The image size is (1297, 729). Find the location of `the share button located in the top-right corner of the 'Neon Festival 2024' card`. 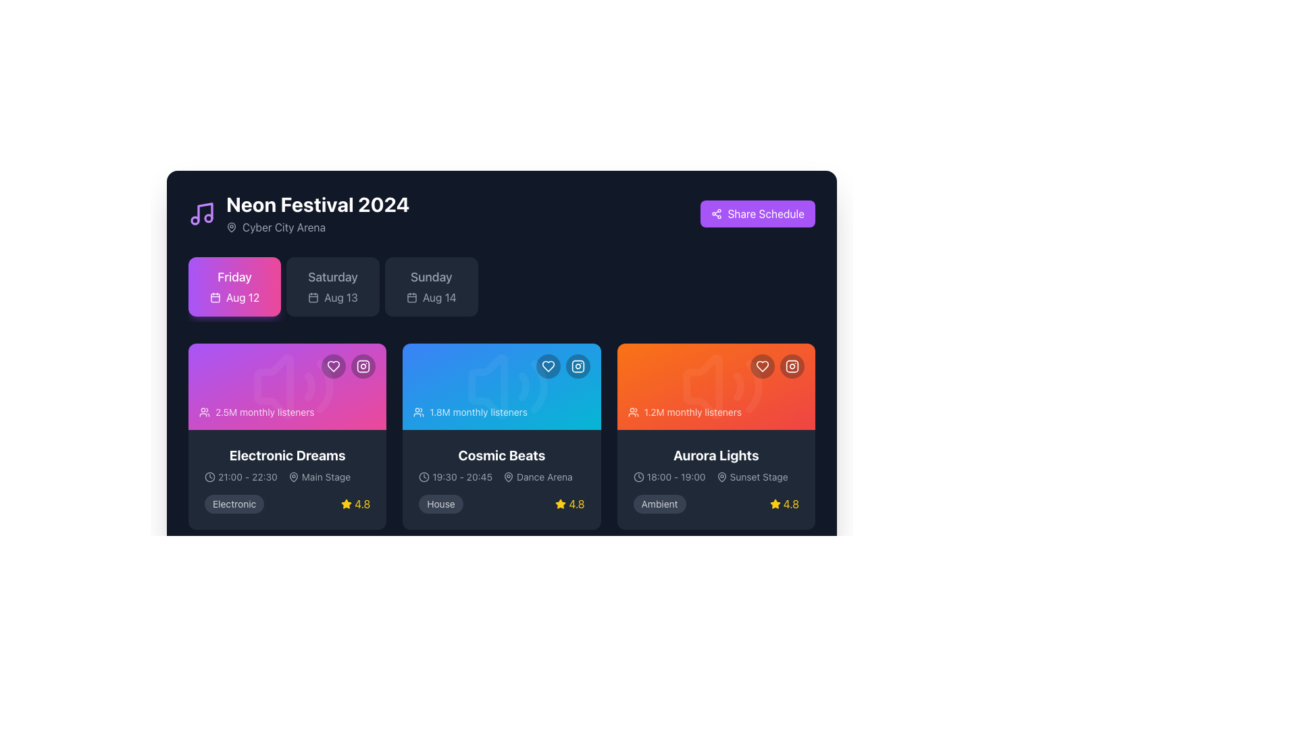

the share button located in the top-right corner of the 'Neon Festival 2024' card is located at coordinates (758, 213).